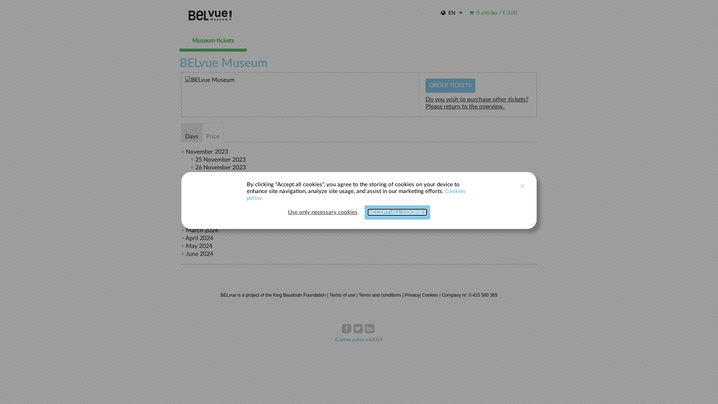  Describe the element at coordinates (182, 206) in the screenshot. I see `'+'` at that location.